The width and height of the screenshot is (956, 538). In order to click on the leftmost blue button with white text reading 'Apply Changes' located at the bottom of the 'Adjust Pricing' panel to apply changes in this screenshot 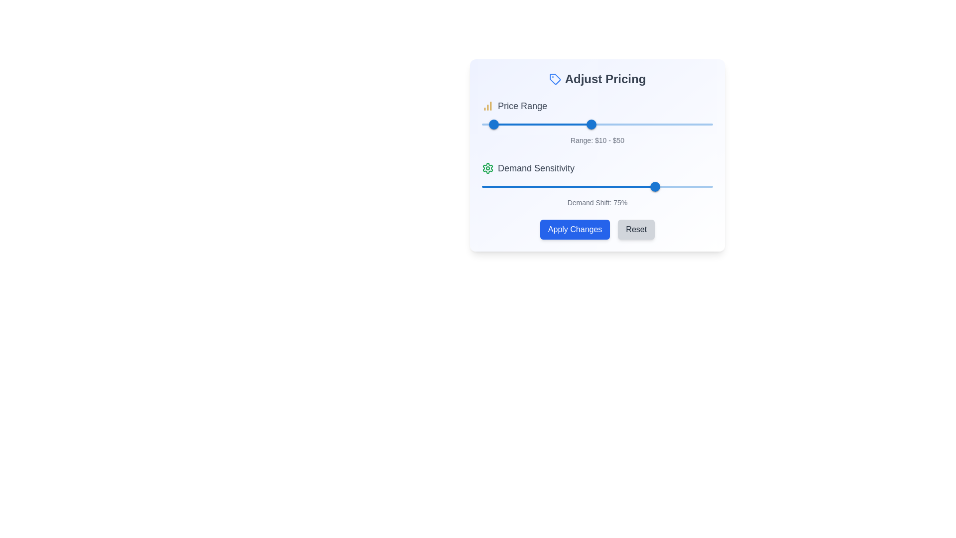, I will do `click(575, 230)`.